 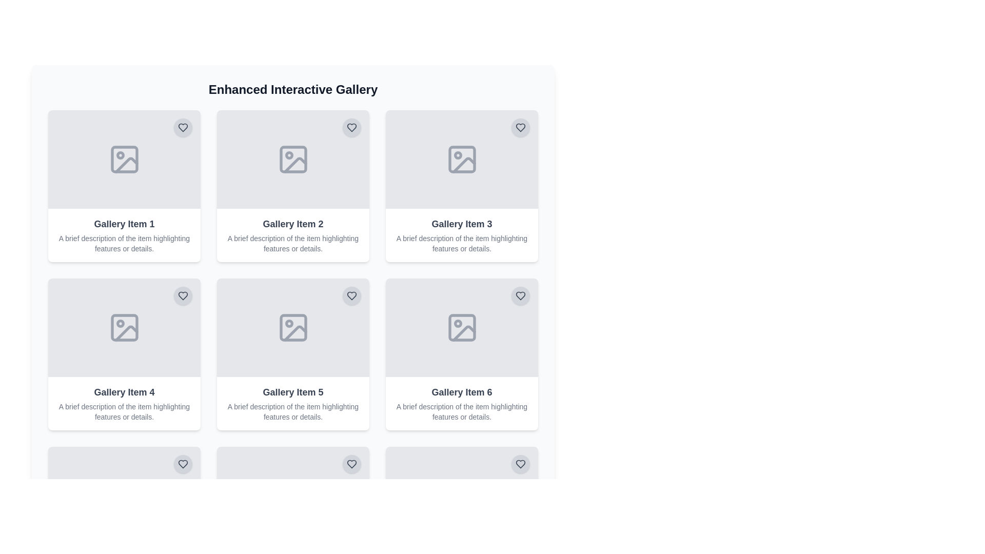 I want to click on the Component card in the second row, first column of the gallery, which contains an image placeholder and textual information, so click(x=124, y=353).